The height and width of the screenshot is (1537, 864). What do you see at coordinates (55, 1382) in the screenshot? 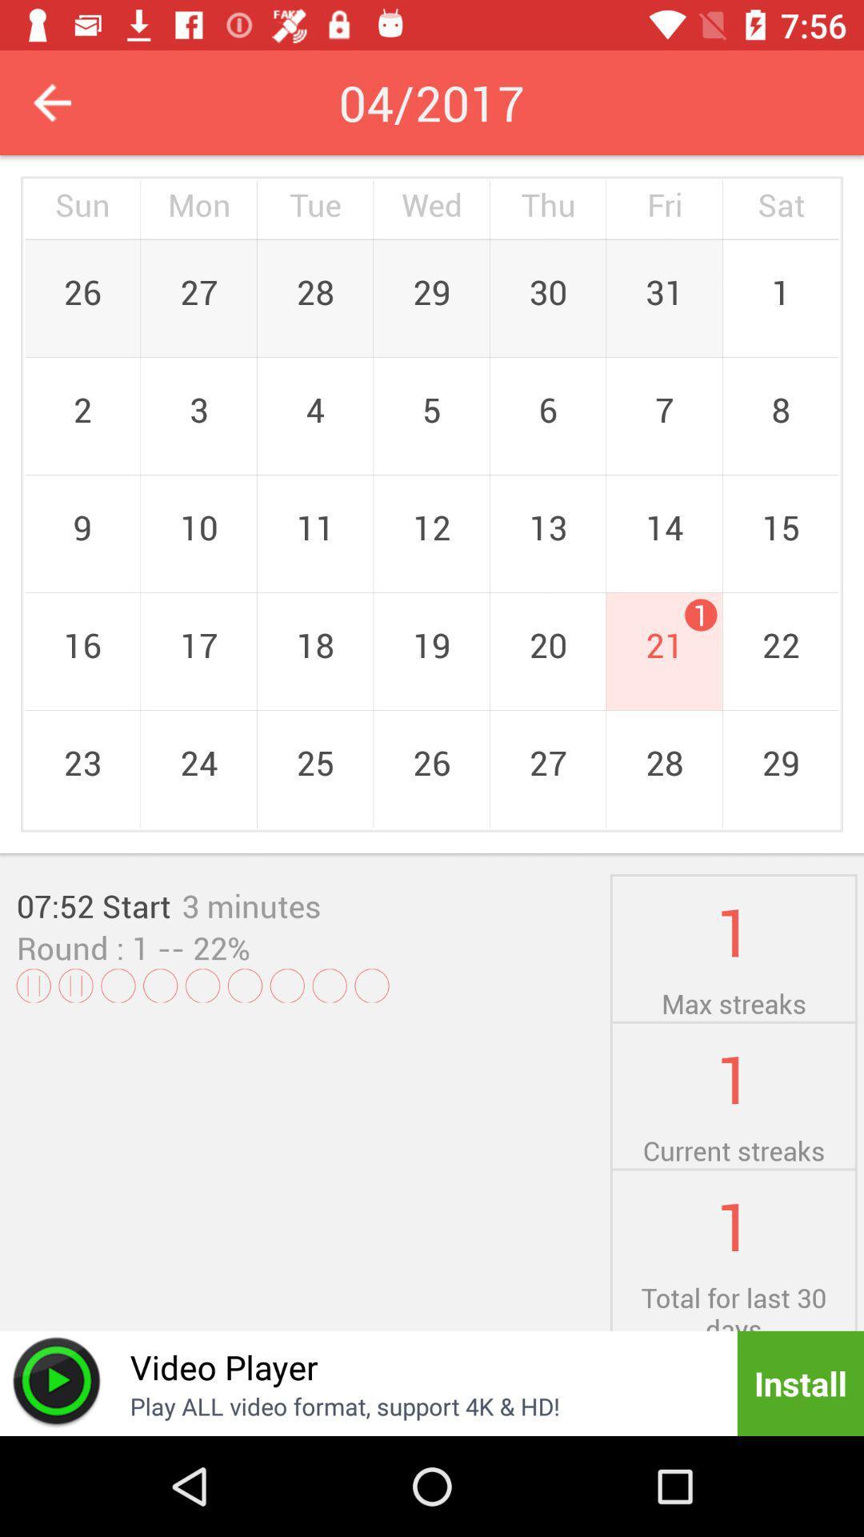
I see `play symbol icon beside video player at the bottom of the page` at bounding box center [55, 1382].